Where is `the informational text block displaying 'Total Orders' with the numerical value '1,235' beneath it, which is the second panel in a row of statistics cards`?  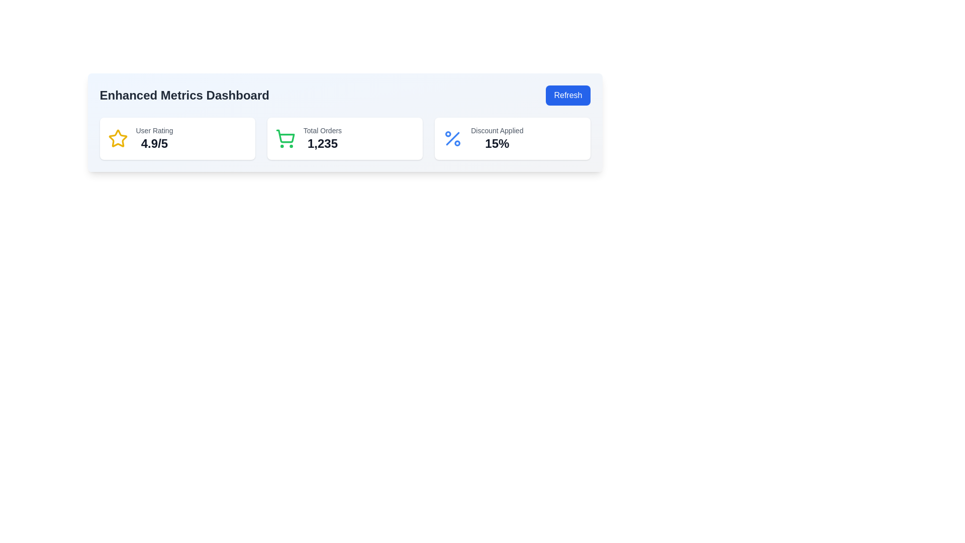 the informational text block displaying 'Total Orders' with the numerical value '1,235' beneath it, which is the second panel in a row of statistics cards is located at coordinates (322, 139).